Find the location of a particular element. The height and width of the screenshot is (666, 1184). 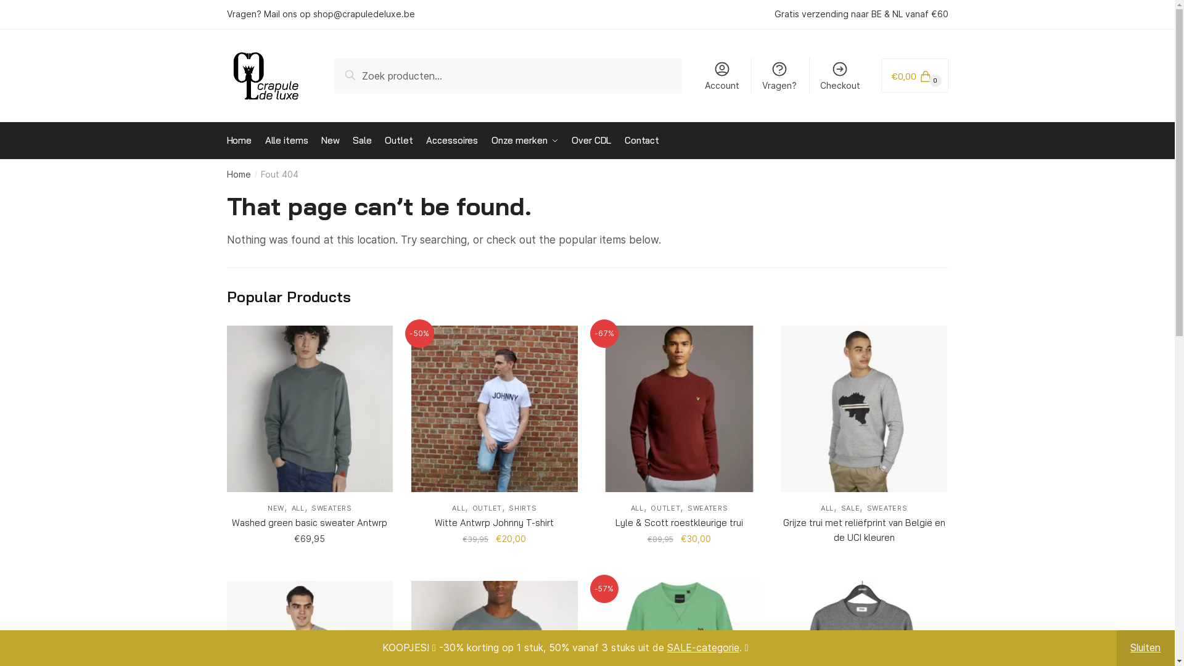

'Contact' is located at coordinates (641, 139).